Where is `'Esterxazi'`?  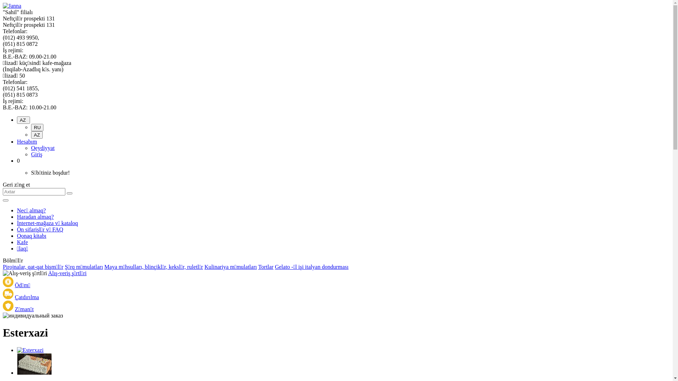
'Esterxazi' is located at coordinates (34, 372).